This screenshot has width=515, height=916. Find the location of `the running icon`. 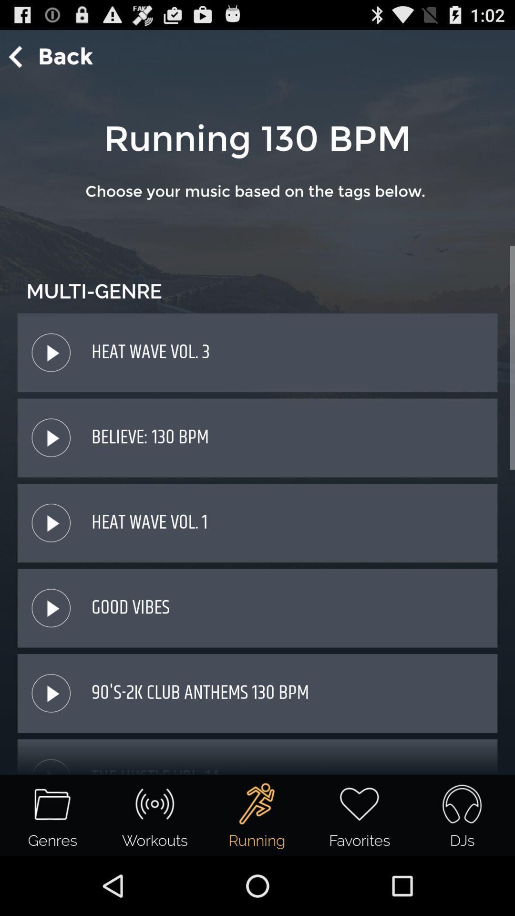

the running icon is located at coordinates (257, 803).